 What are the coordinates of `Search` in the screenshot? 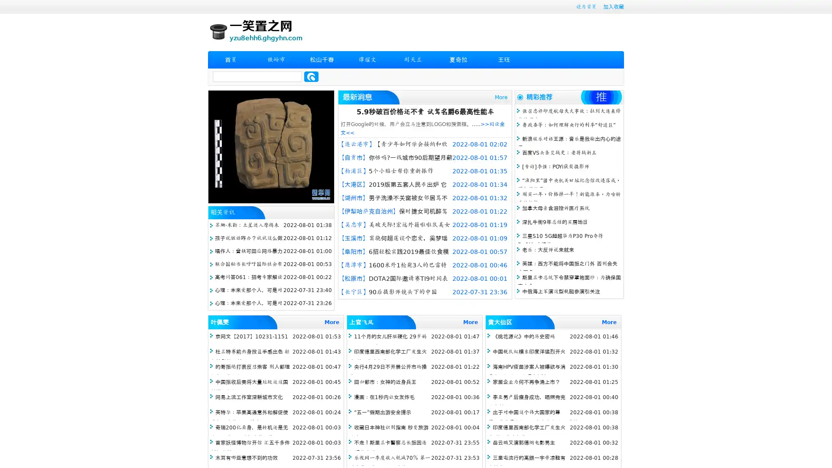 It's located at (311, 76).